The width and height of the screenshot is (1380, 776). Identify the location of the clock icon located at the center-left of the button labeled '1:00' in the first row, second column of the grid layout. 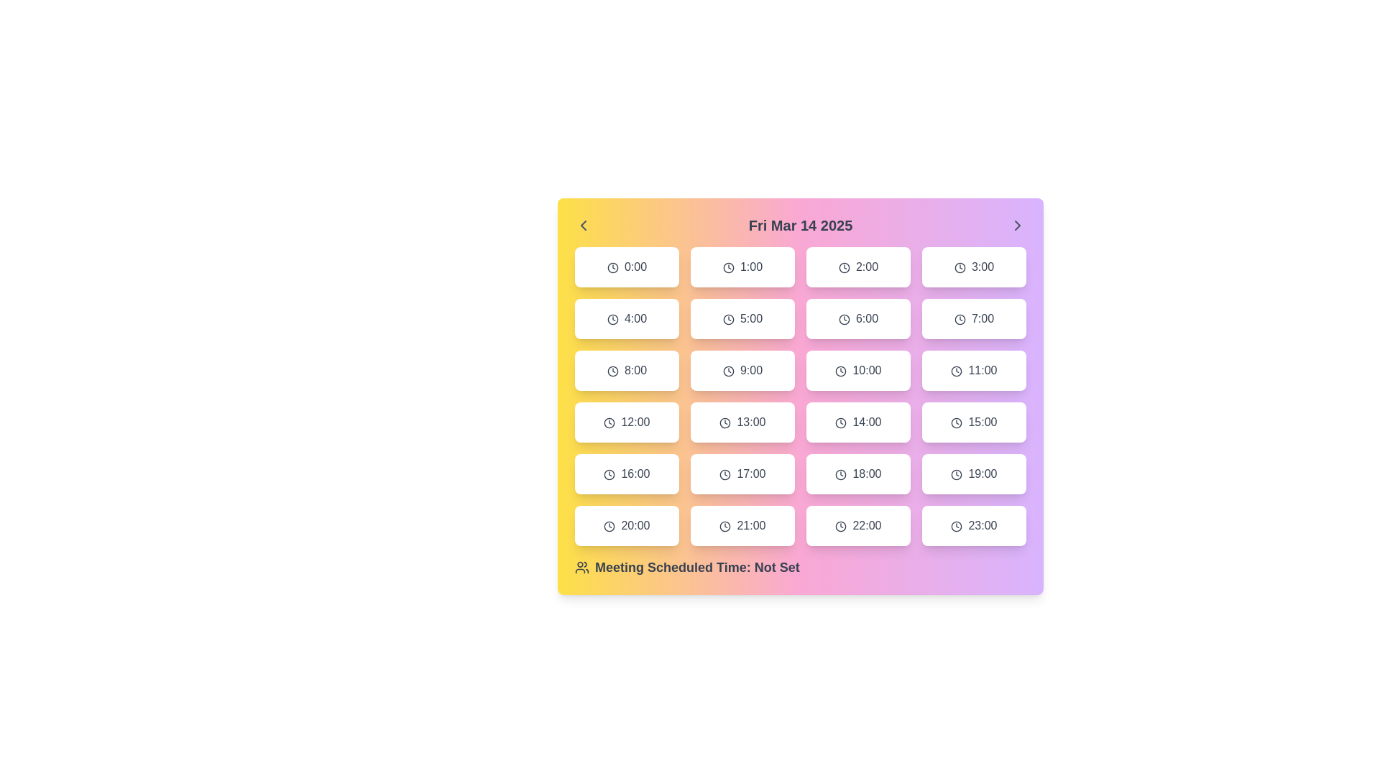
(728, 267).